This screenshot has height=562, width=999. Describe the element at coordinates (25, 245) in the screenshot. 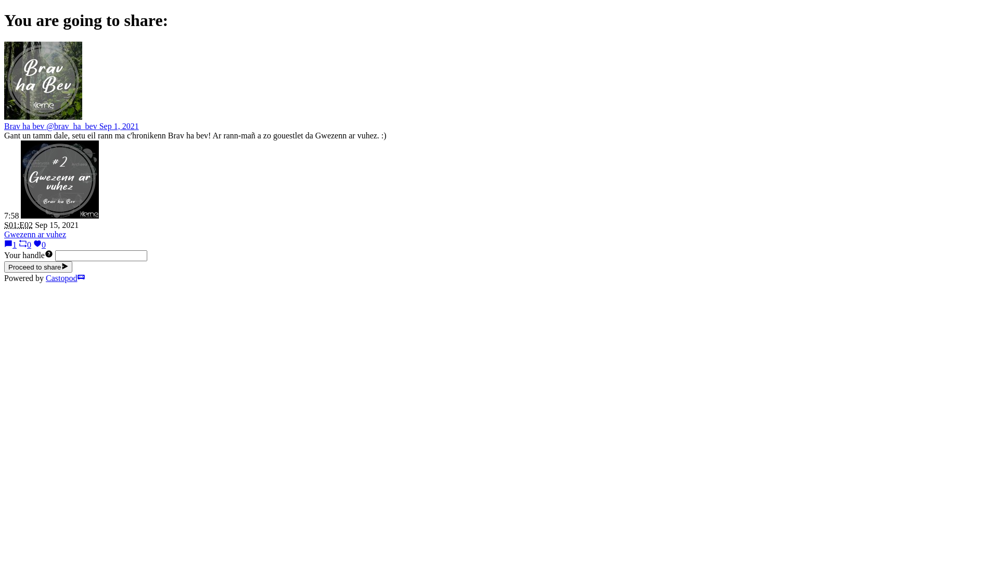

I see `'0'` at that location.